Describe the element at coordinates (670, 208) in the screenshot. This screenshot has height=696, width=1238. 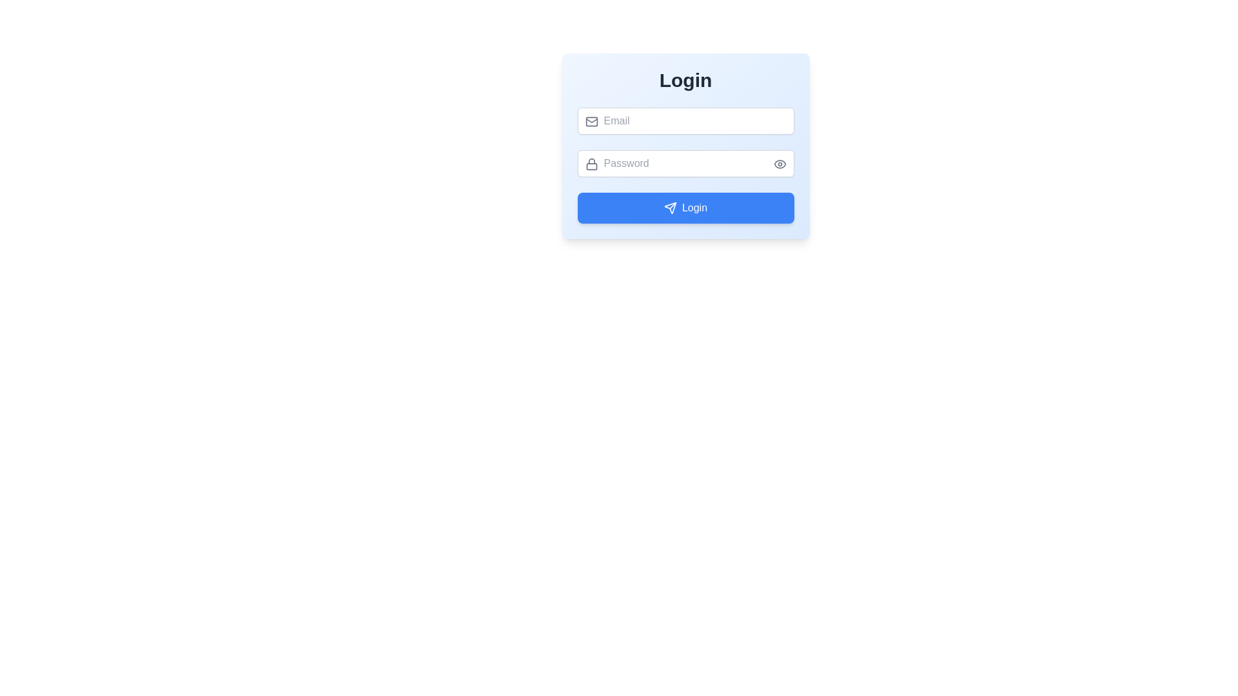
I see `the send icon, which resembles a paper plane, located to the left of the 'Login' text inside the blue button` at that location.